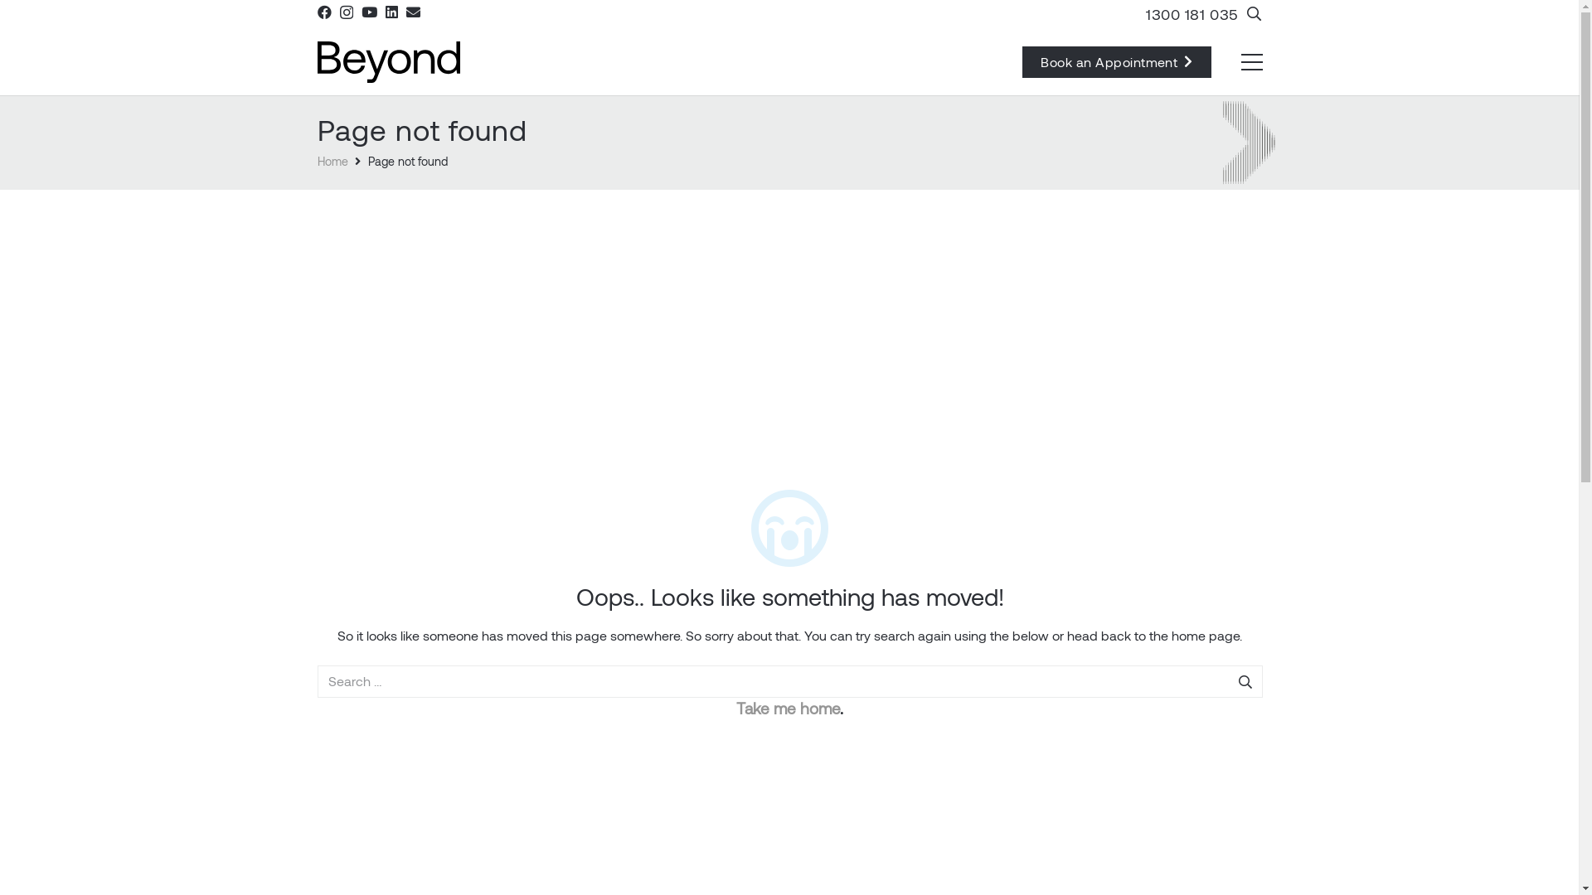 This screenshot has height=895, width=1592. I want to click on 'Email', so click(413, 12).